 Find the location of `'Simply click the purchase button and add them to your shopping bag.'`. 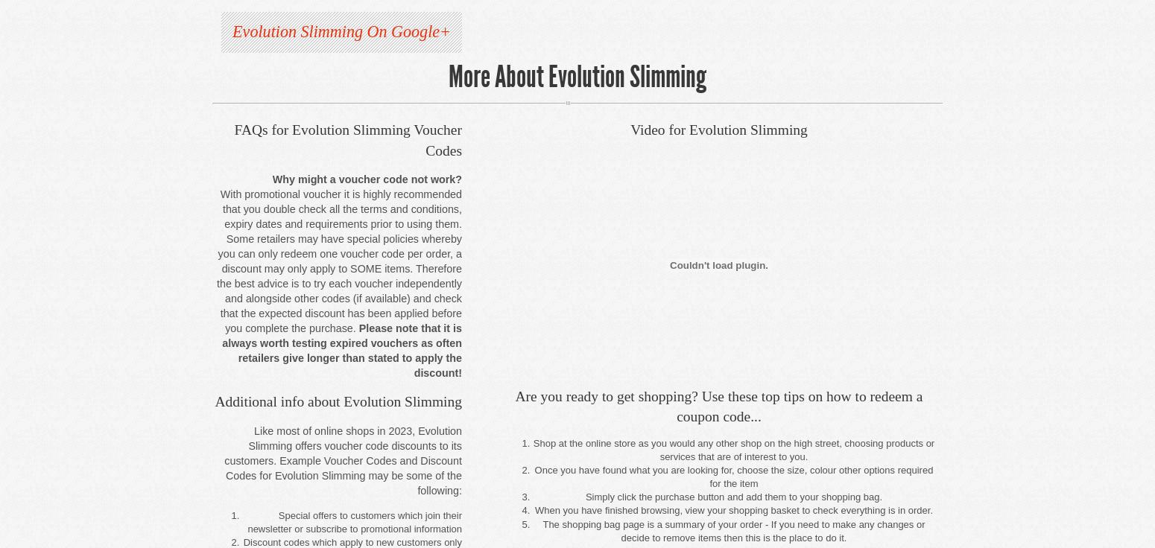

'Simply click the purchase button and add them to your shopping bag.' is located at coordinates (732, 496).